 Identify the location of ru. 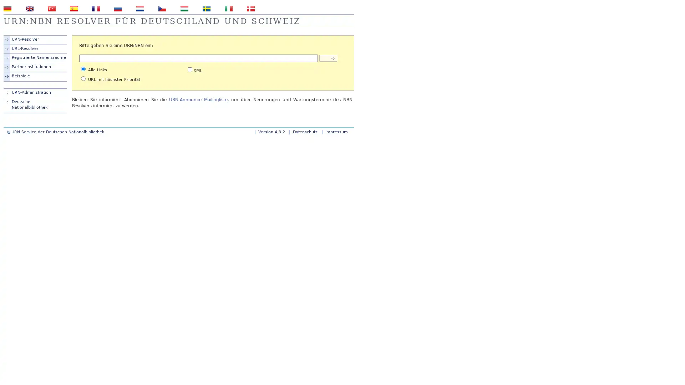
(118, 8).